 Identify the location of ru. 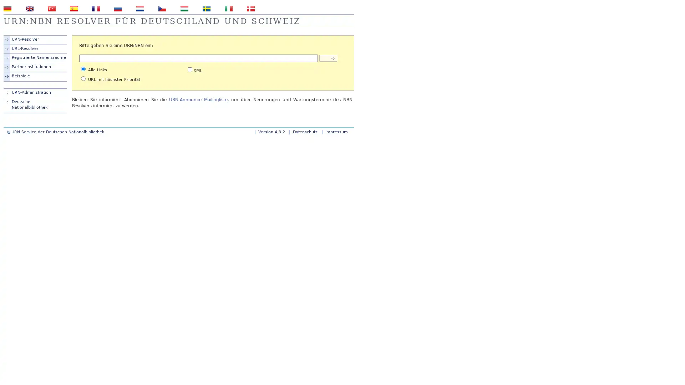
(118, 8).